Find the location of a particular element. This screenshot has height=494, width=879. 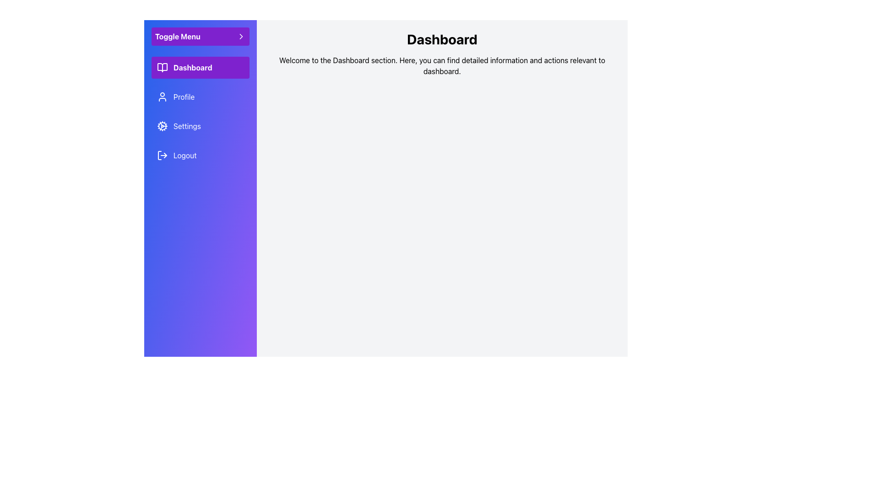

the 'Settings' button in the sidebar is located at coordinates (200, 126).